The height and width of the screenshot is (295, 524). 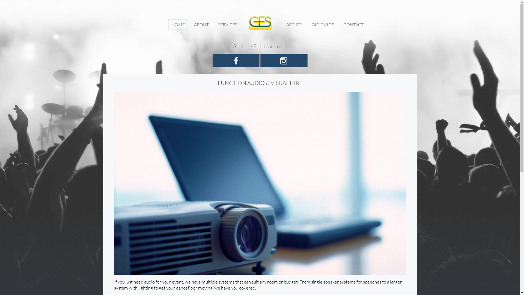 I want to click on 'ARTISTS', so click(x=283, y=24).